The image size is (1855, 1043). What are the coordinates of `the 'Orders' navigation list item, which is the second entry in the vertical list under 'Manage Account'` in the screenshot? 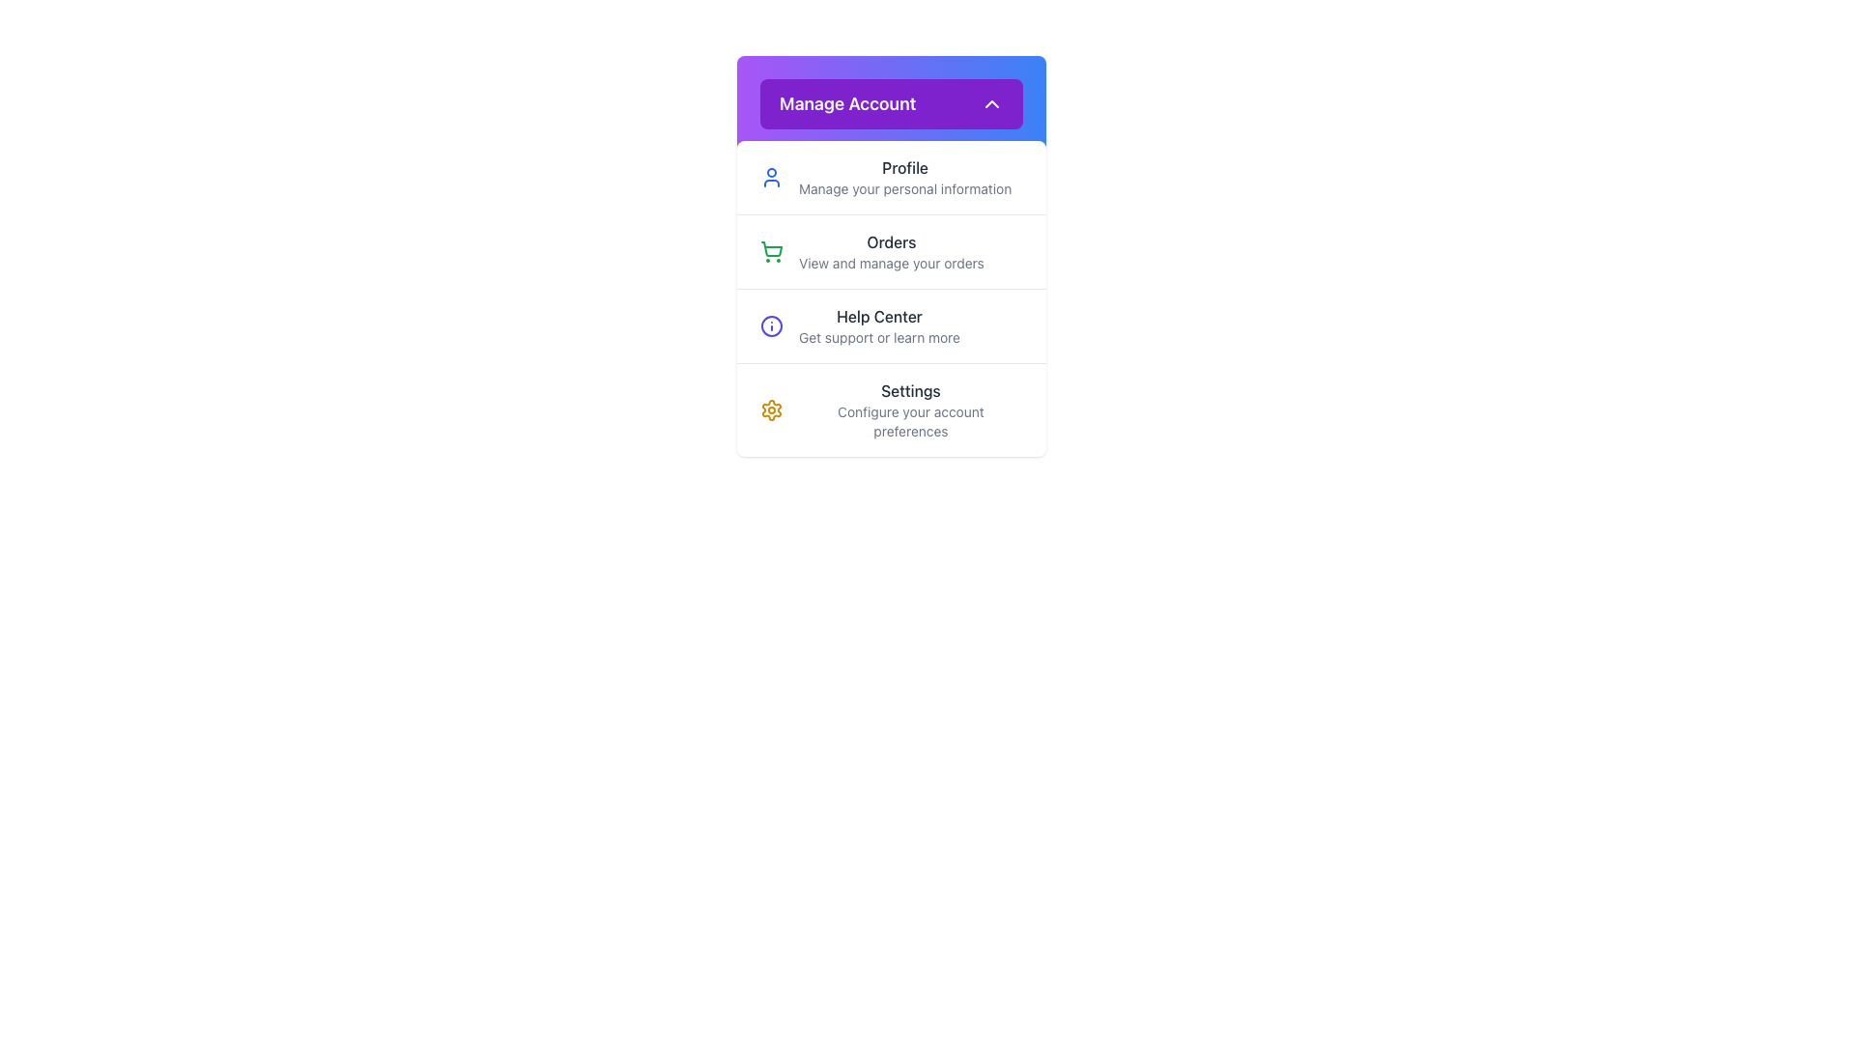 It's located at (890, 250).